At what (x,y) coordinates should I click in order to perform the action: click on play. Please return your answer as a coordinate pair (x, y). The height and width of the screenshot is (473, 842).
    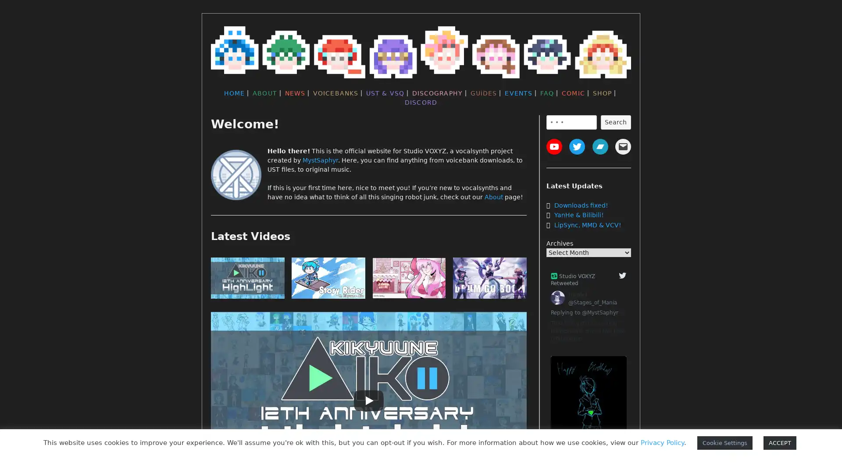
    Looking at the image, I should click on (247, 280).